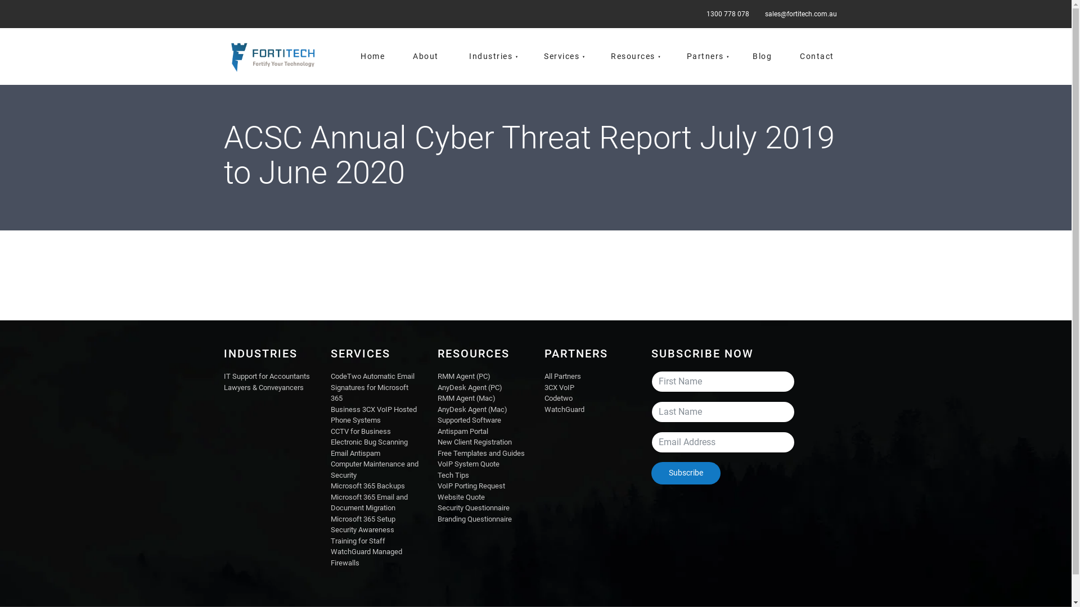 The image size is (1080, 607). What do you see at coordinates (685, 473) in the screenshot?
I see `'Subscribe'` at bounding box center [685, 473].